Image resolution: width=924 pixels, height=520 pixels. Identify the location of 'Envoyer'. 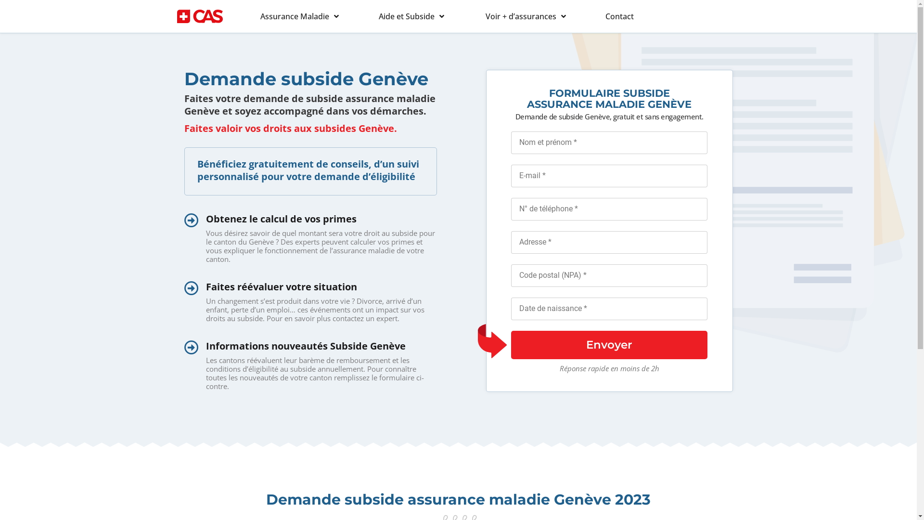
(609, 344).